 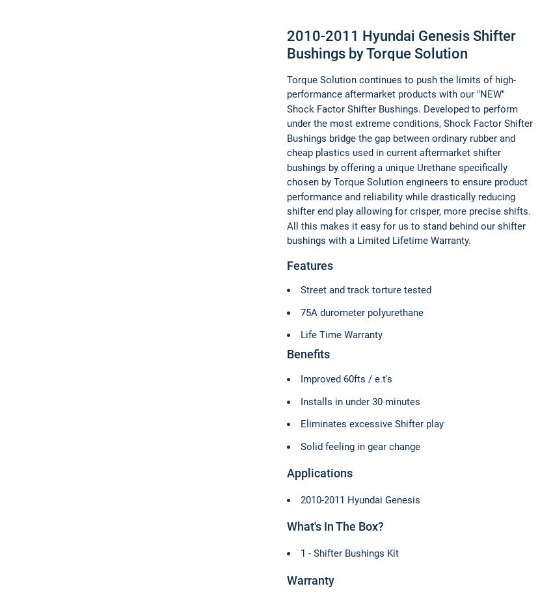 What do you see at coordinates (349, 552) in the screenshot?
I see `'1 - Shifter Bushings Kit'` at bounding box center [349, 552].